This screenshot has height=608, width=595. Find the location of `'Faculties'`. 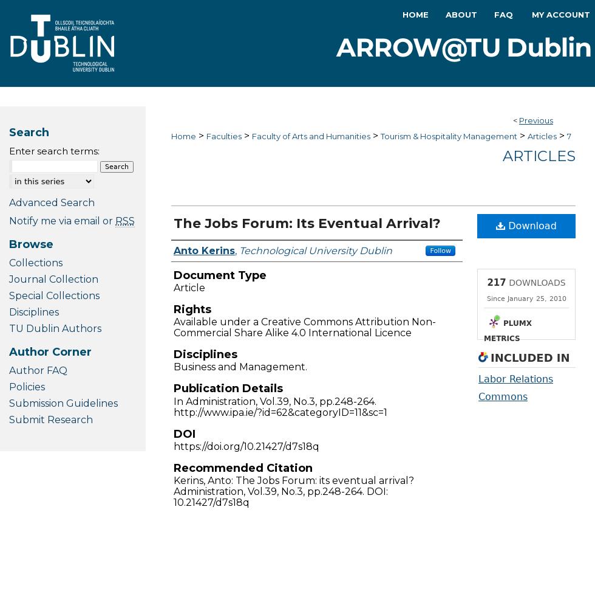

'Faculties' is located at coordinates (223, 136).